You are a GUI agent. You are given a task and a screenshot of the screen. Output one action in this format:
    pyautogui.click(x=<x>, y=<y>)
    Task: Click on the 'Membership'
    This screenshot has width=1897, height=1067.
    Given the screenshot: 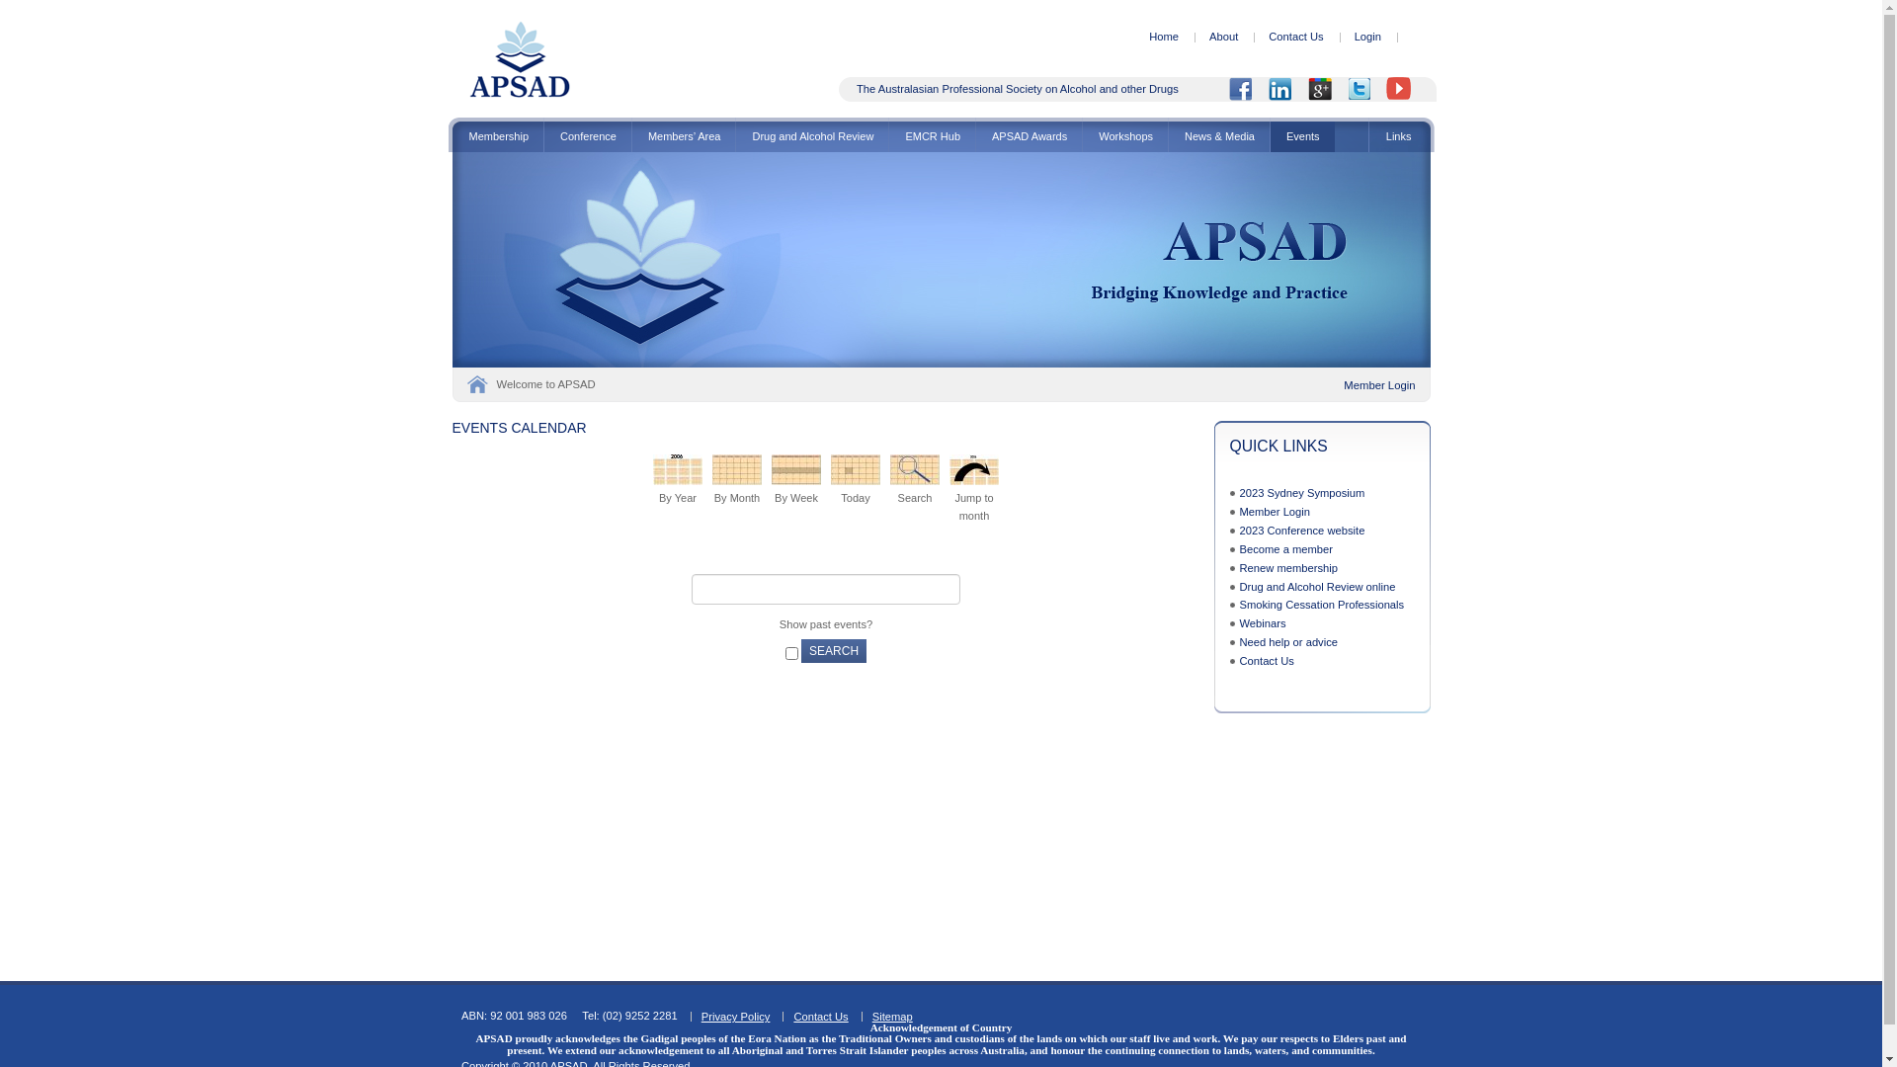 What is the action you would take?
    pyautogui.click(x=498, y=135)
    